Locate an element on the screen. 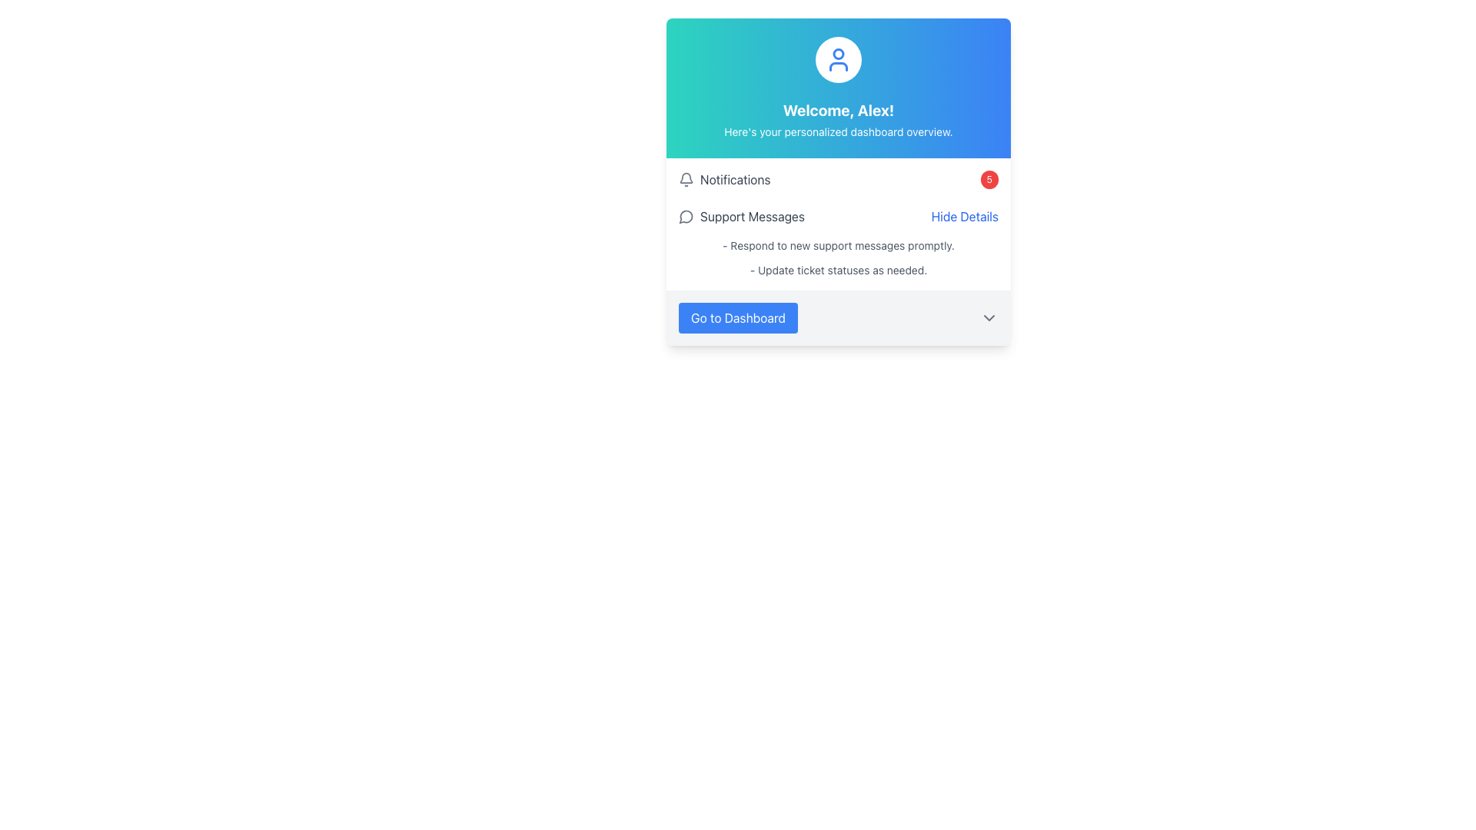 Image resolution: width=1476 pixels, height=830 pixels. the non-interactive informative text located beneath the instruction '- Respond to new support messages promptly.' in the 'Support Messages' section of the interface is located at coordinates (837, 269).